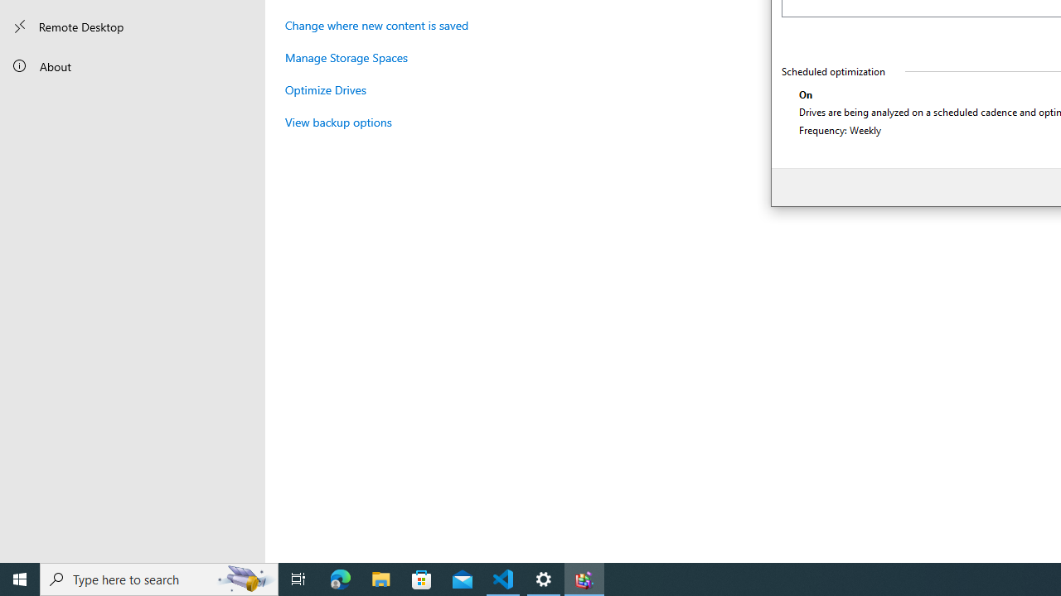 The image size is (1061, 596). What do you see at coordinates (20, 578) in the screenshot?
I see `'Start'` at bounding box center [20, 578].